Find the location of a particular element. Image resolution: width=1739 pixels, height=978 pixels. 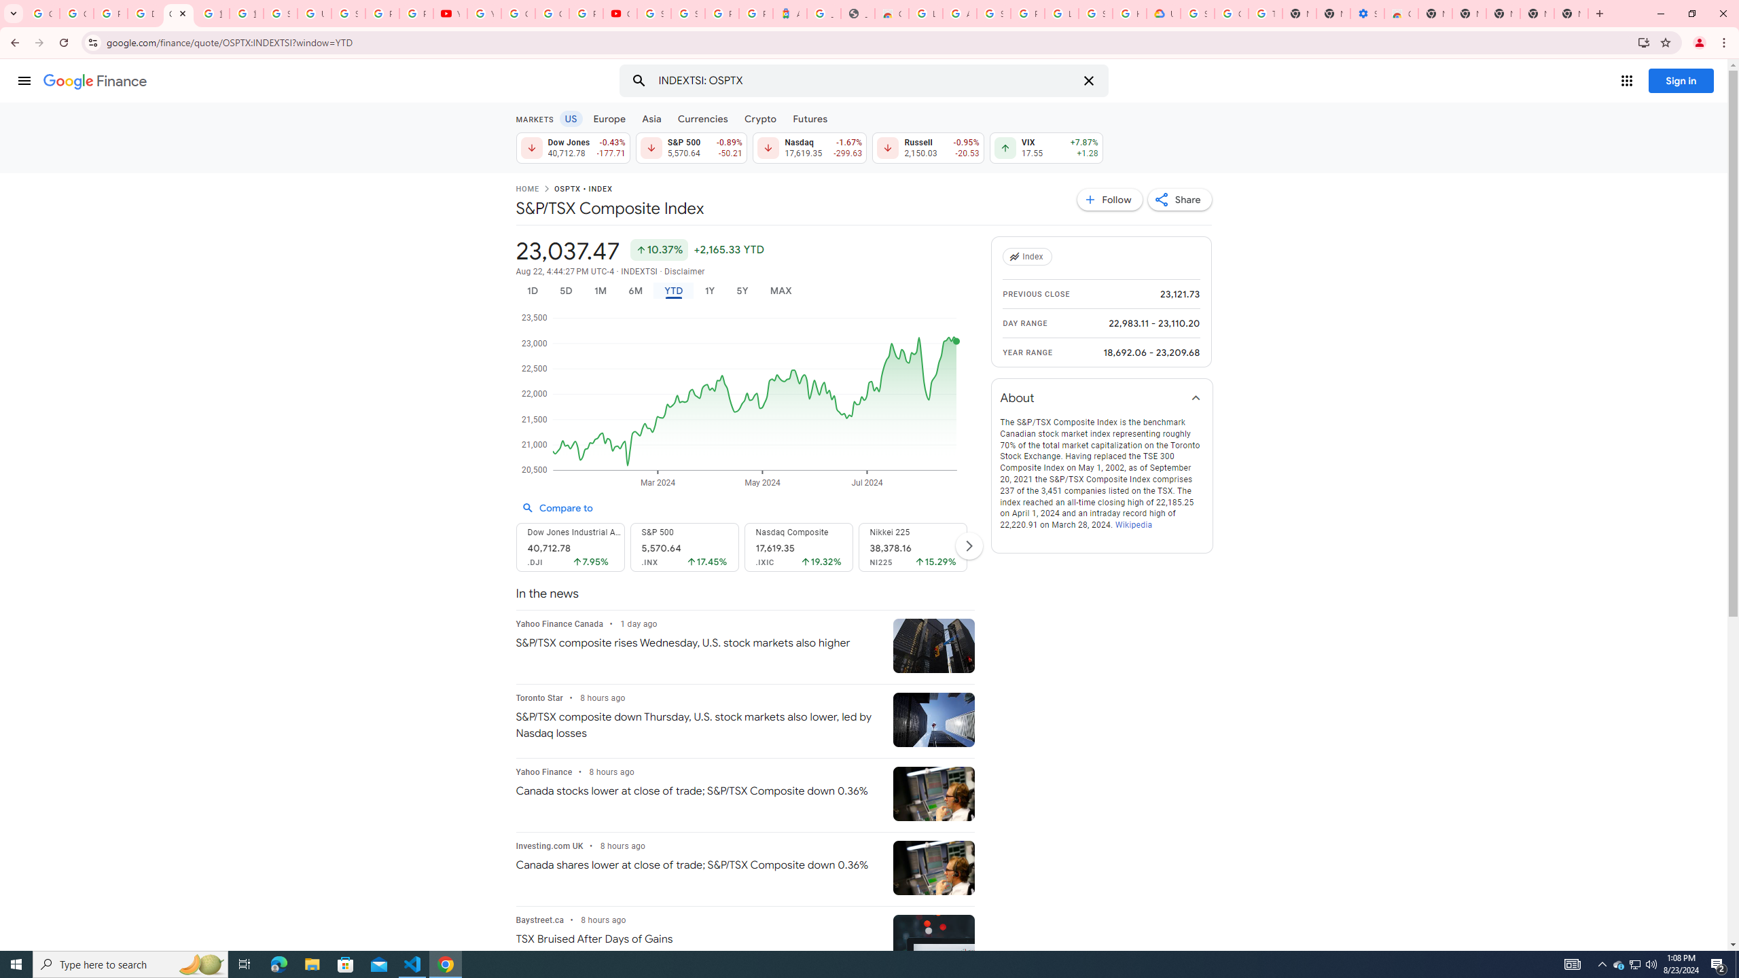

'VIX 17.55 Up by 7.87% +1.28' is located at coordinates (1045, 147).